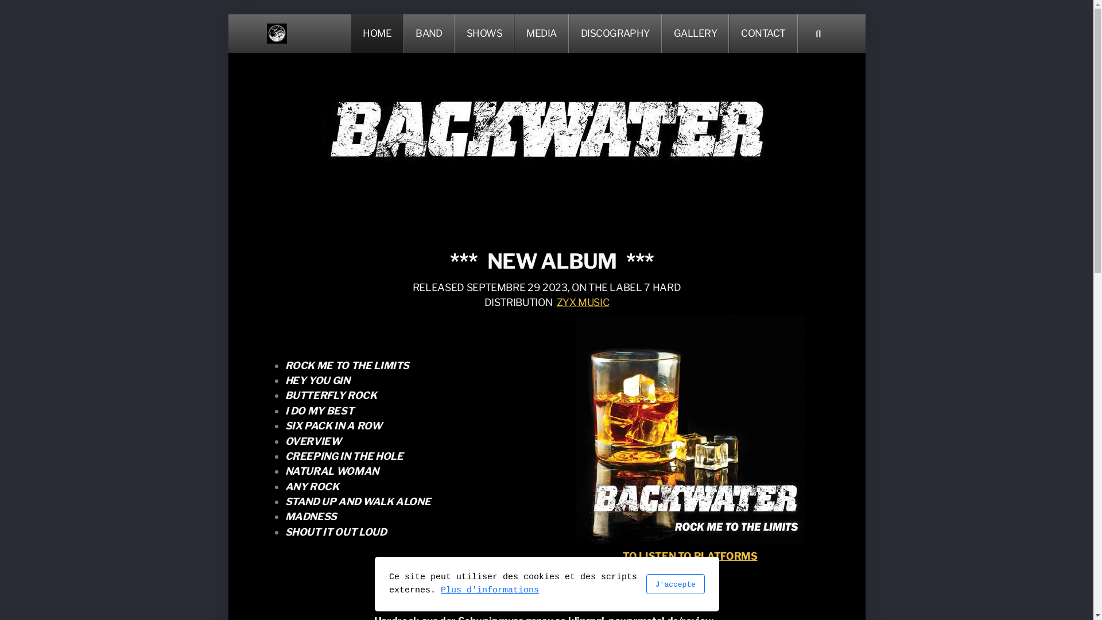  I want to click on 'DISCOGRAPHY', so click(569, 33).